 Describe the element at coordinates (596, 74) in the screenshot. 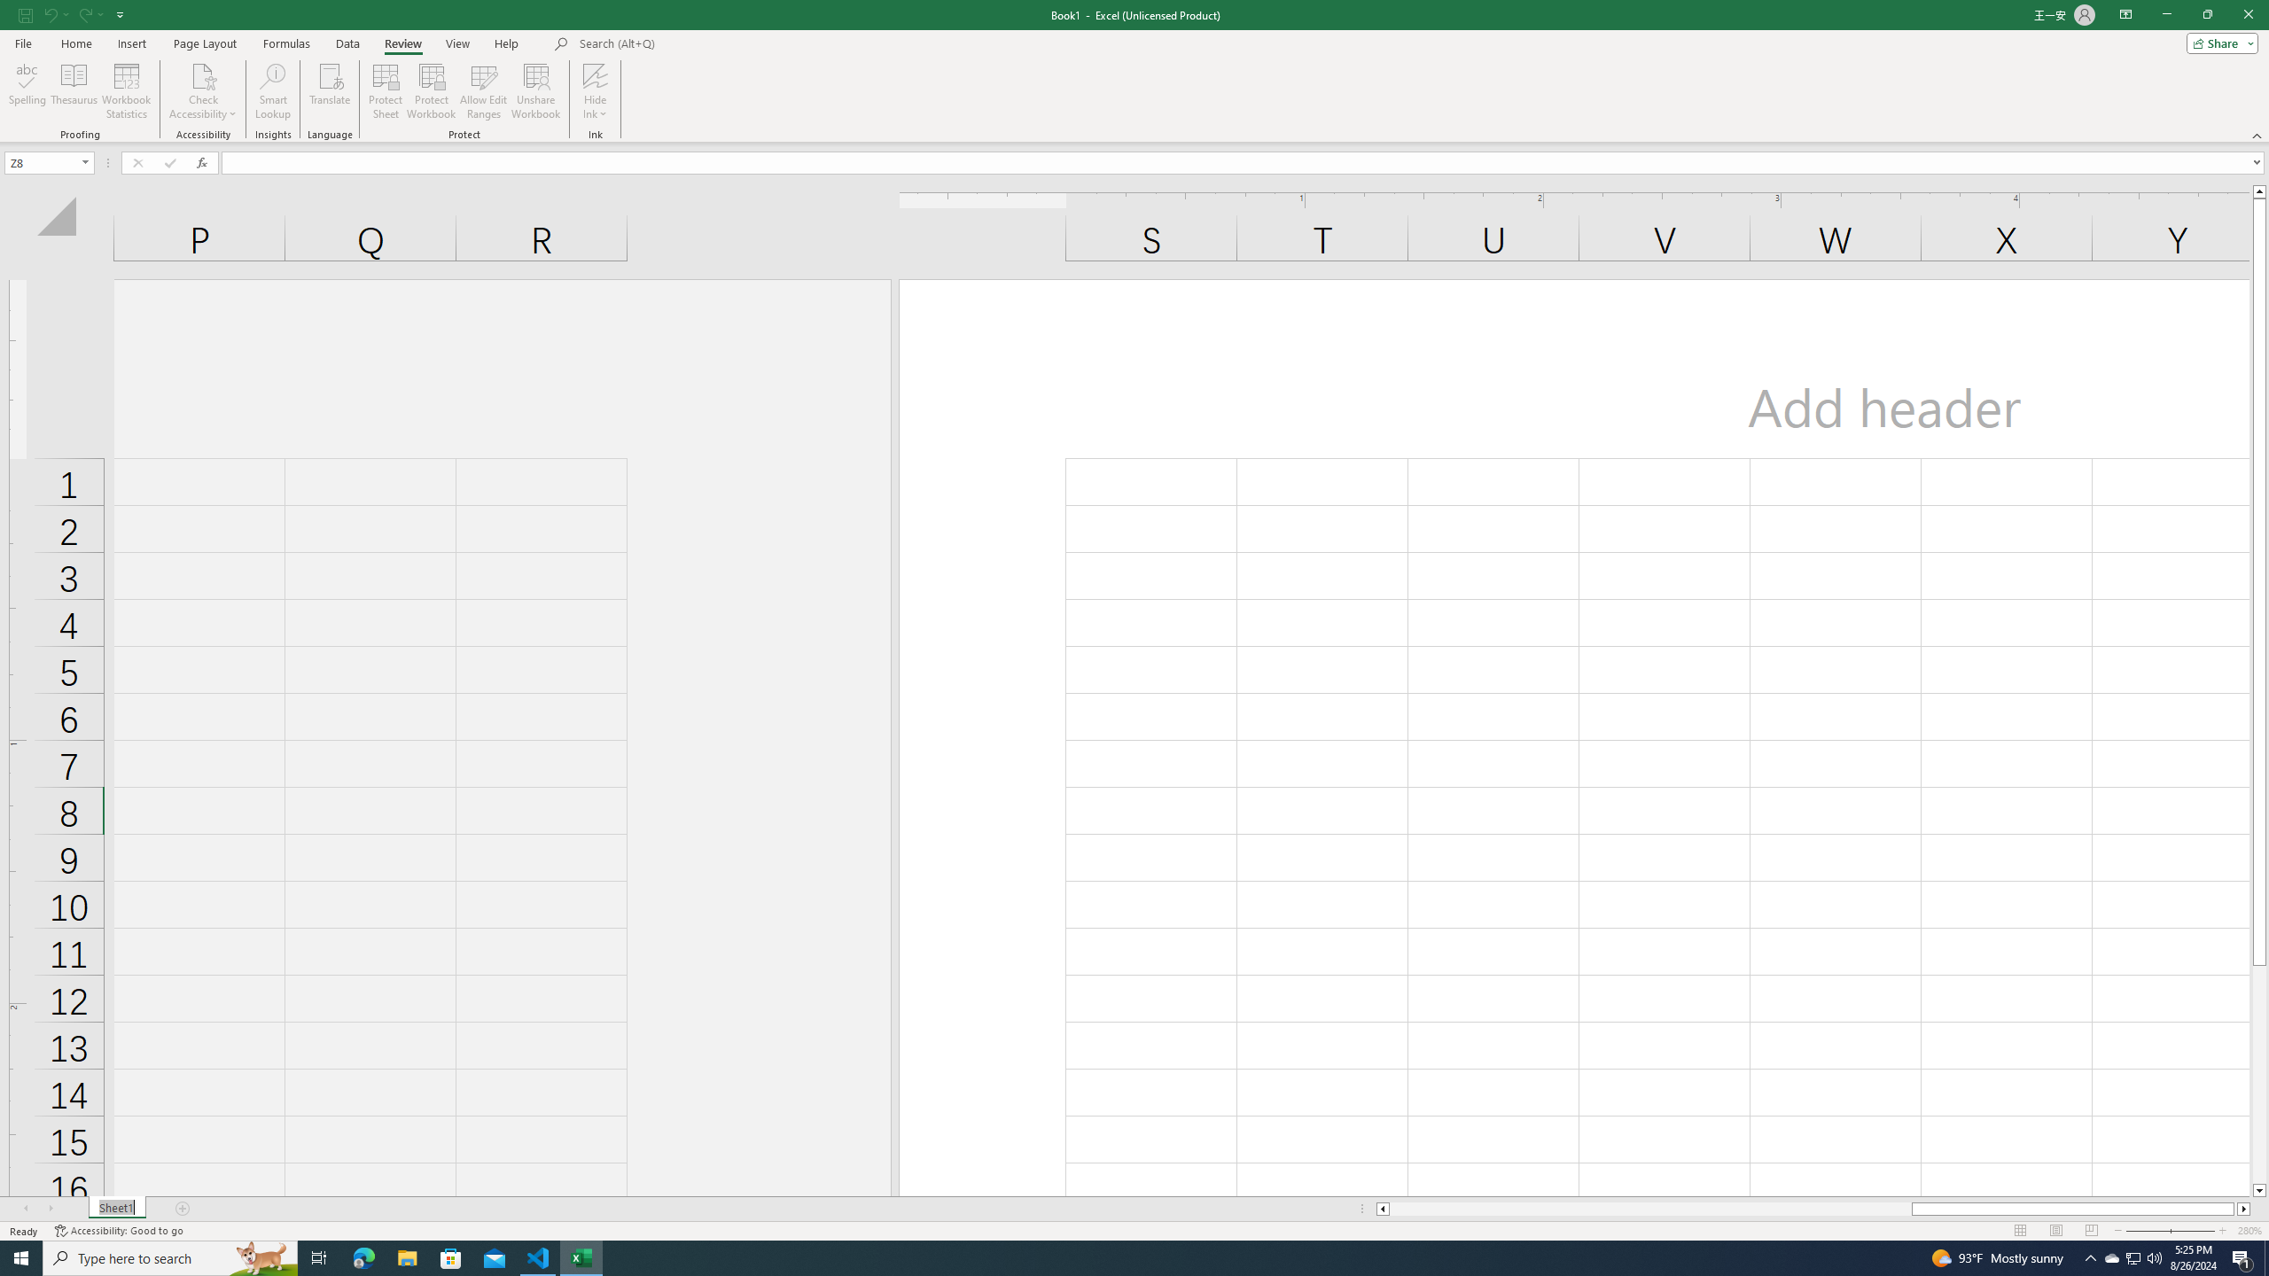

I see `'Hide Ink'` at that location.